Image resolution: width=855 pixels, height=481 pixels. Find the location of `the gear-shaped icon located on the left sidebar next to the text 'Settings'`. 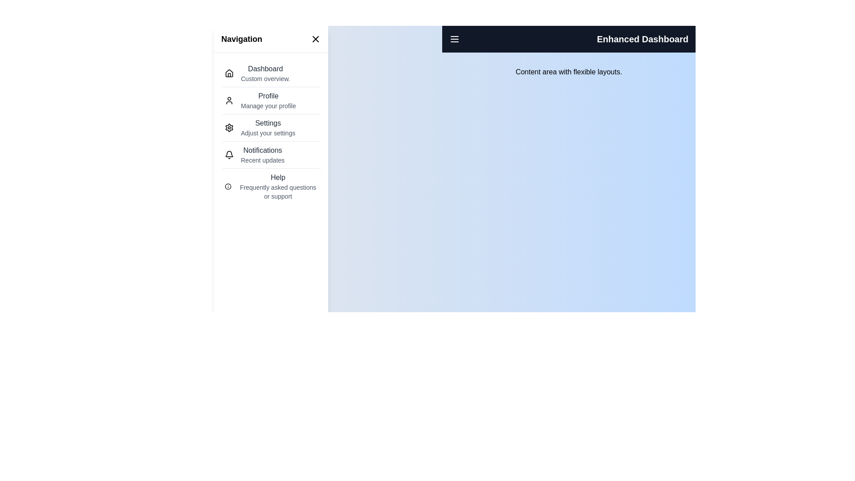

the gear-shaped icon located on the left sidebar next to the text 'Settings' is located at coordinates (229, 127).